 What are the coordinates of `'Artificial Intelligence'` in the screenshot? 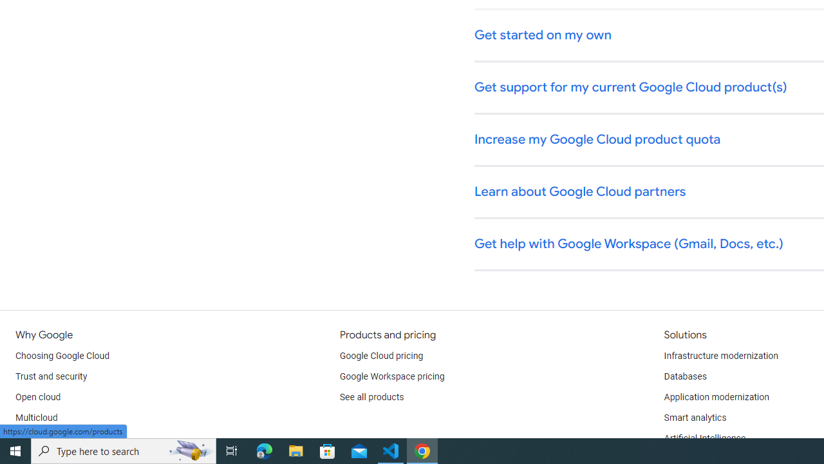 It's located at (704, 438).